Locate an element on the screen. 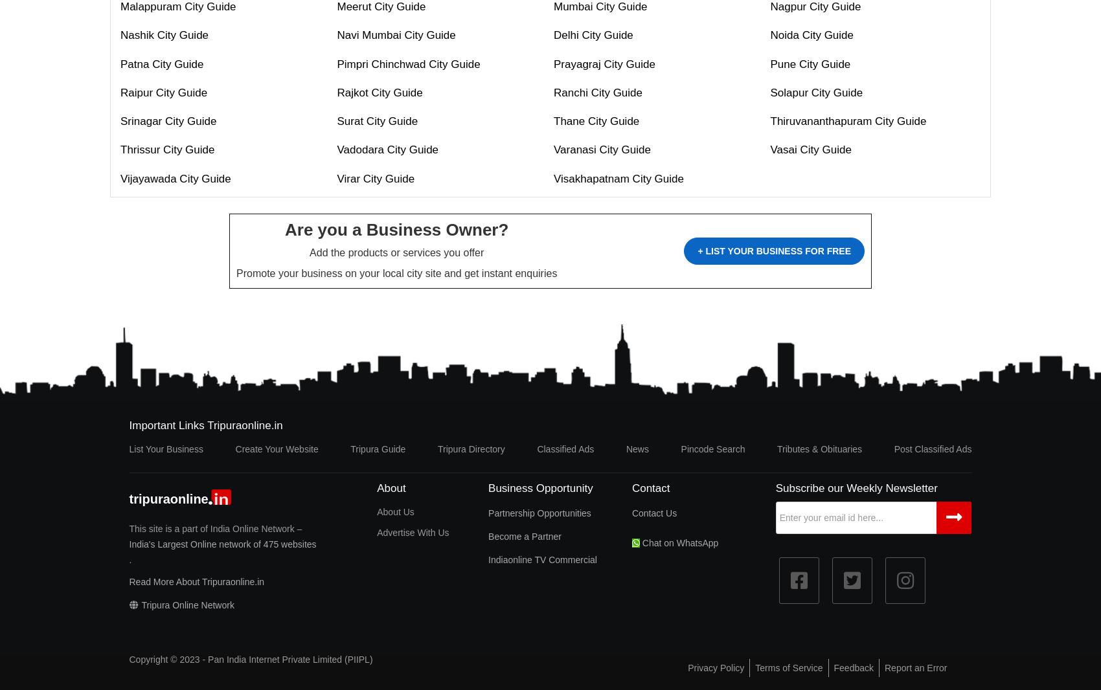 This screenshot has height=690, width=1101. '+ LIST YOUR BUSINESS FOR FREE' is located at coordinates (697, 251).